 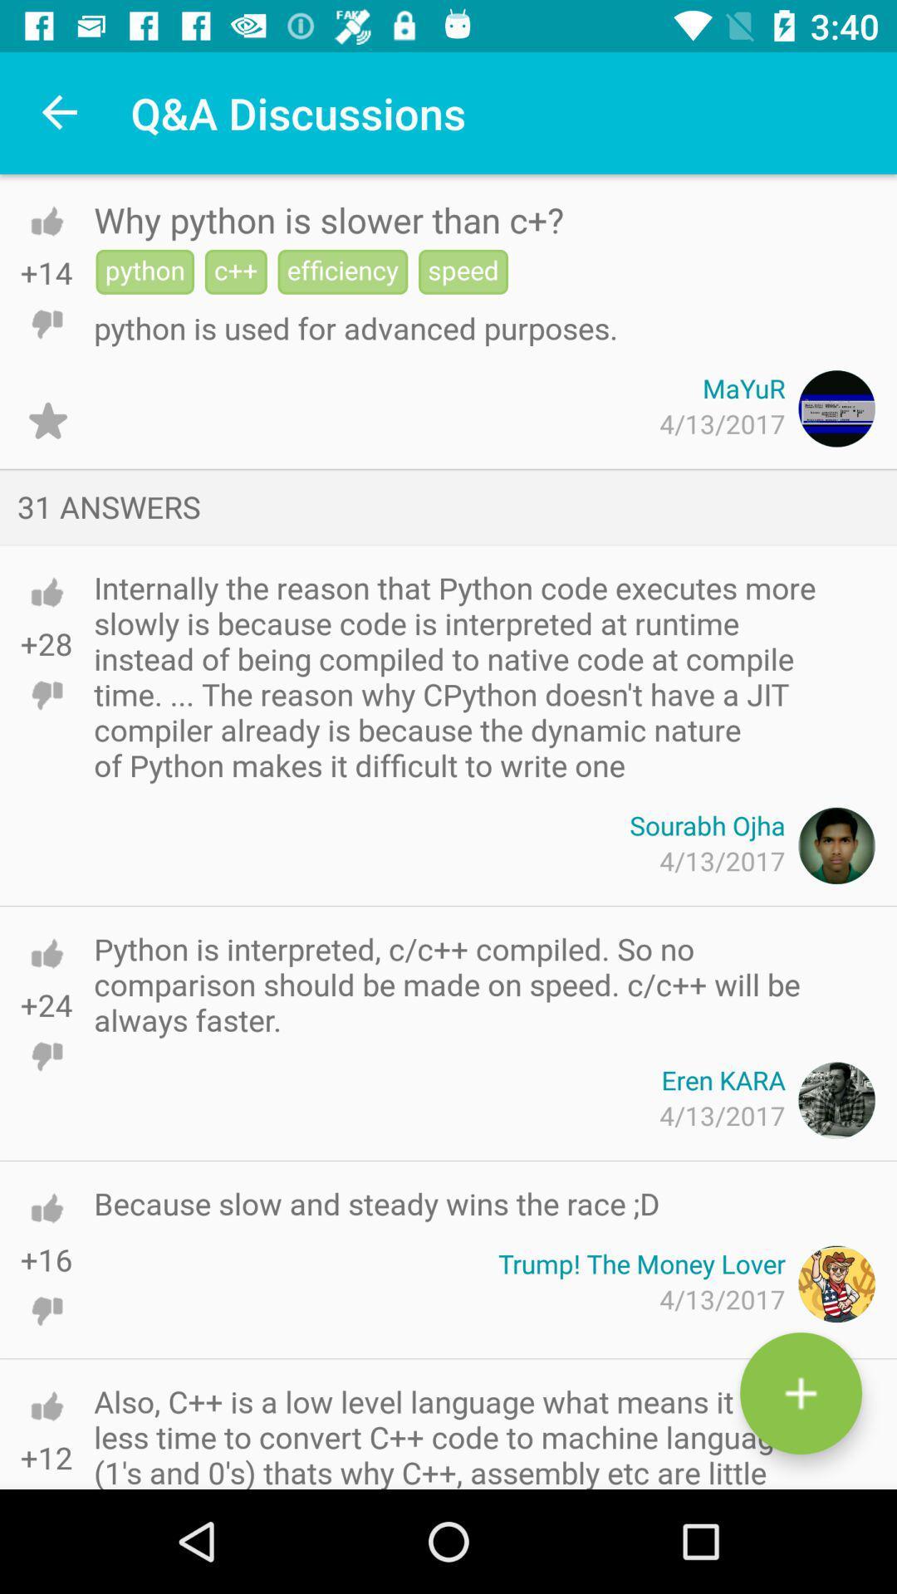 What do you see at coordinates (60, 112) in the screenshot?
I see `the item next to q&a discussions` at bounding box center [60, 112].